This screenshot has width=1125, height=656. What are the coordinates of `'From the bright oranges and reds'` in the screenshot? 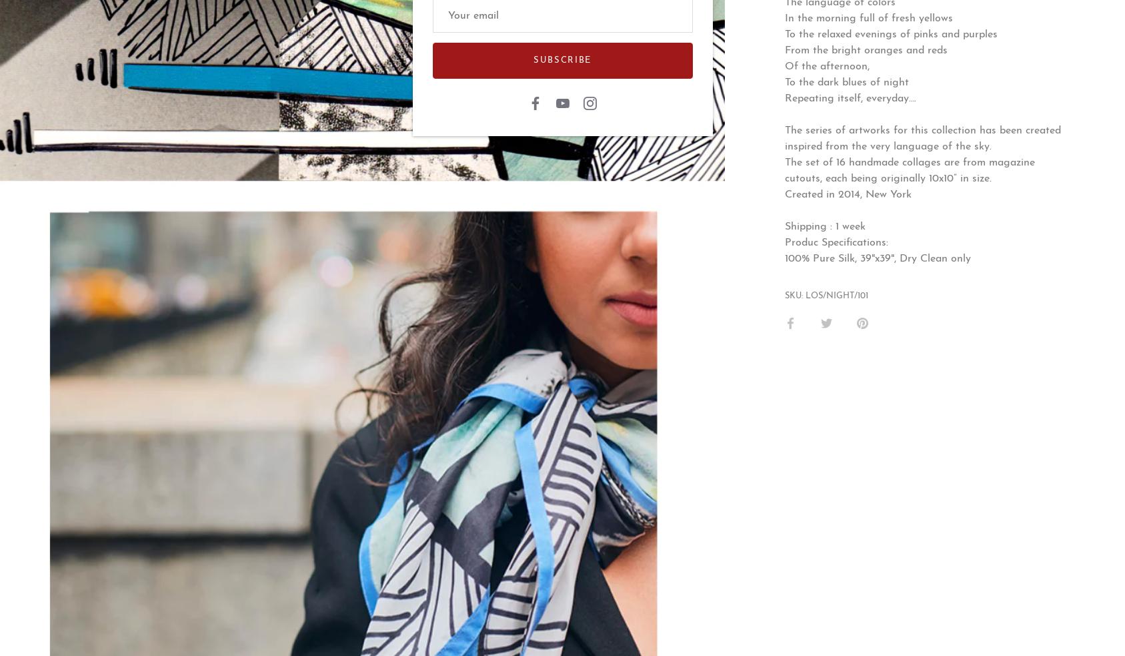 It's located at (865, 49).